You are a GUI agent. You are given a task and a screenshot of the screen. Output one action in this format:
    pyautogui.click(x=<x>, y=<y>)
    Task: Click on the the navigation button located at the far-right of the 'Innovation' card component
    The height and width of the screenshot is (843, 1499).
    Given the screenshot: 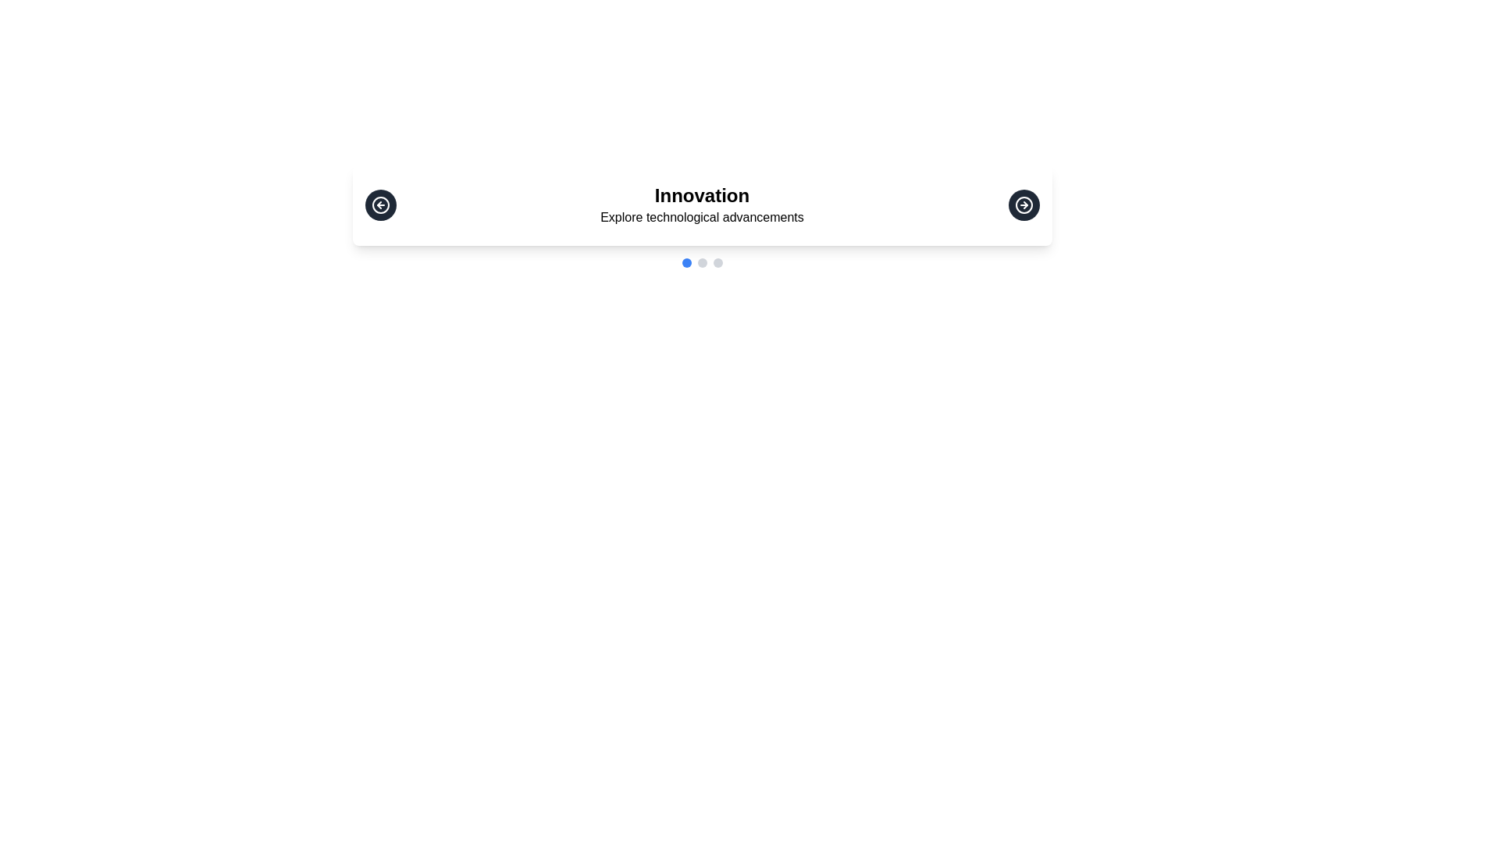 What is the action you would take?
    pyautogui.click(x=1024, y=204)
    